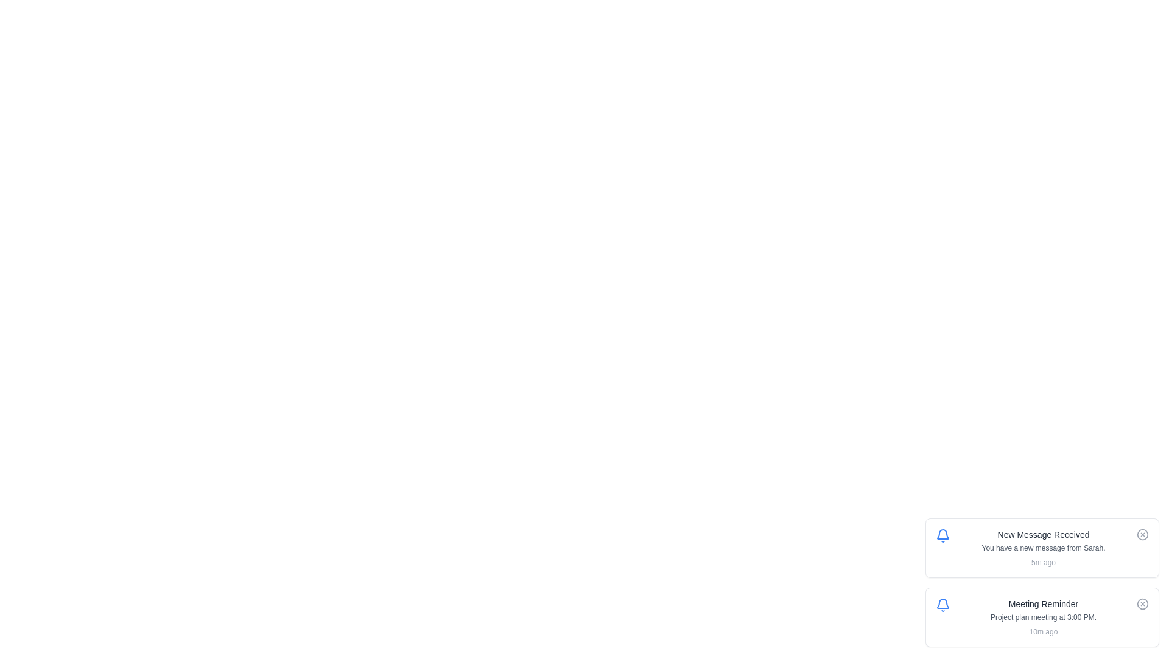 The height and width of the screenshot is (657, 1169). I want to click on the notification titled 'New Message Received' to observe the hover effect, so click(1042, 548).